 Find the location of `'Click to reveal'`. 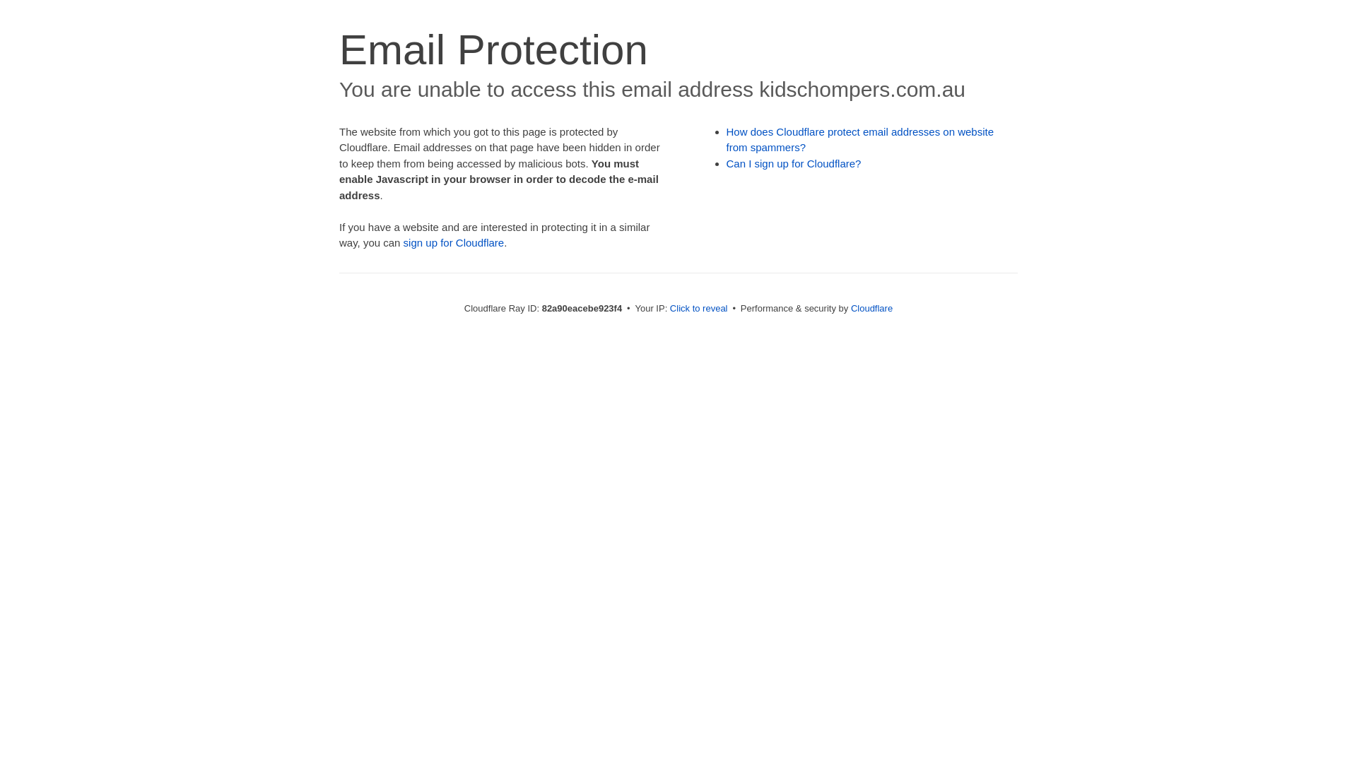

'Click to reveal' is located at coordinates (698, 307).